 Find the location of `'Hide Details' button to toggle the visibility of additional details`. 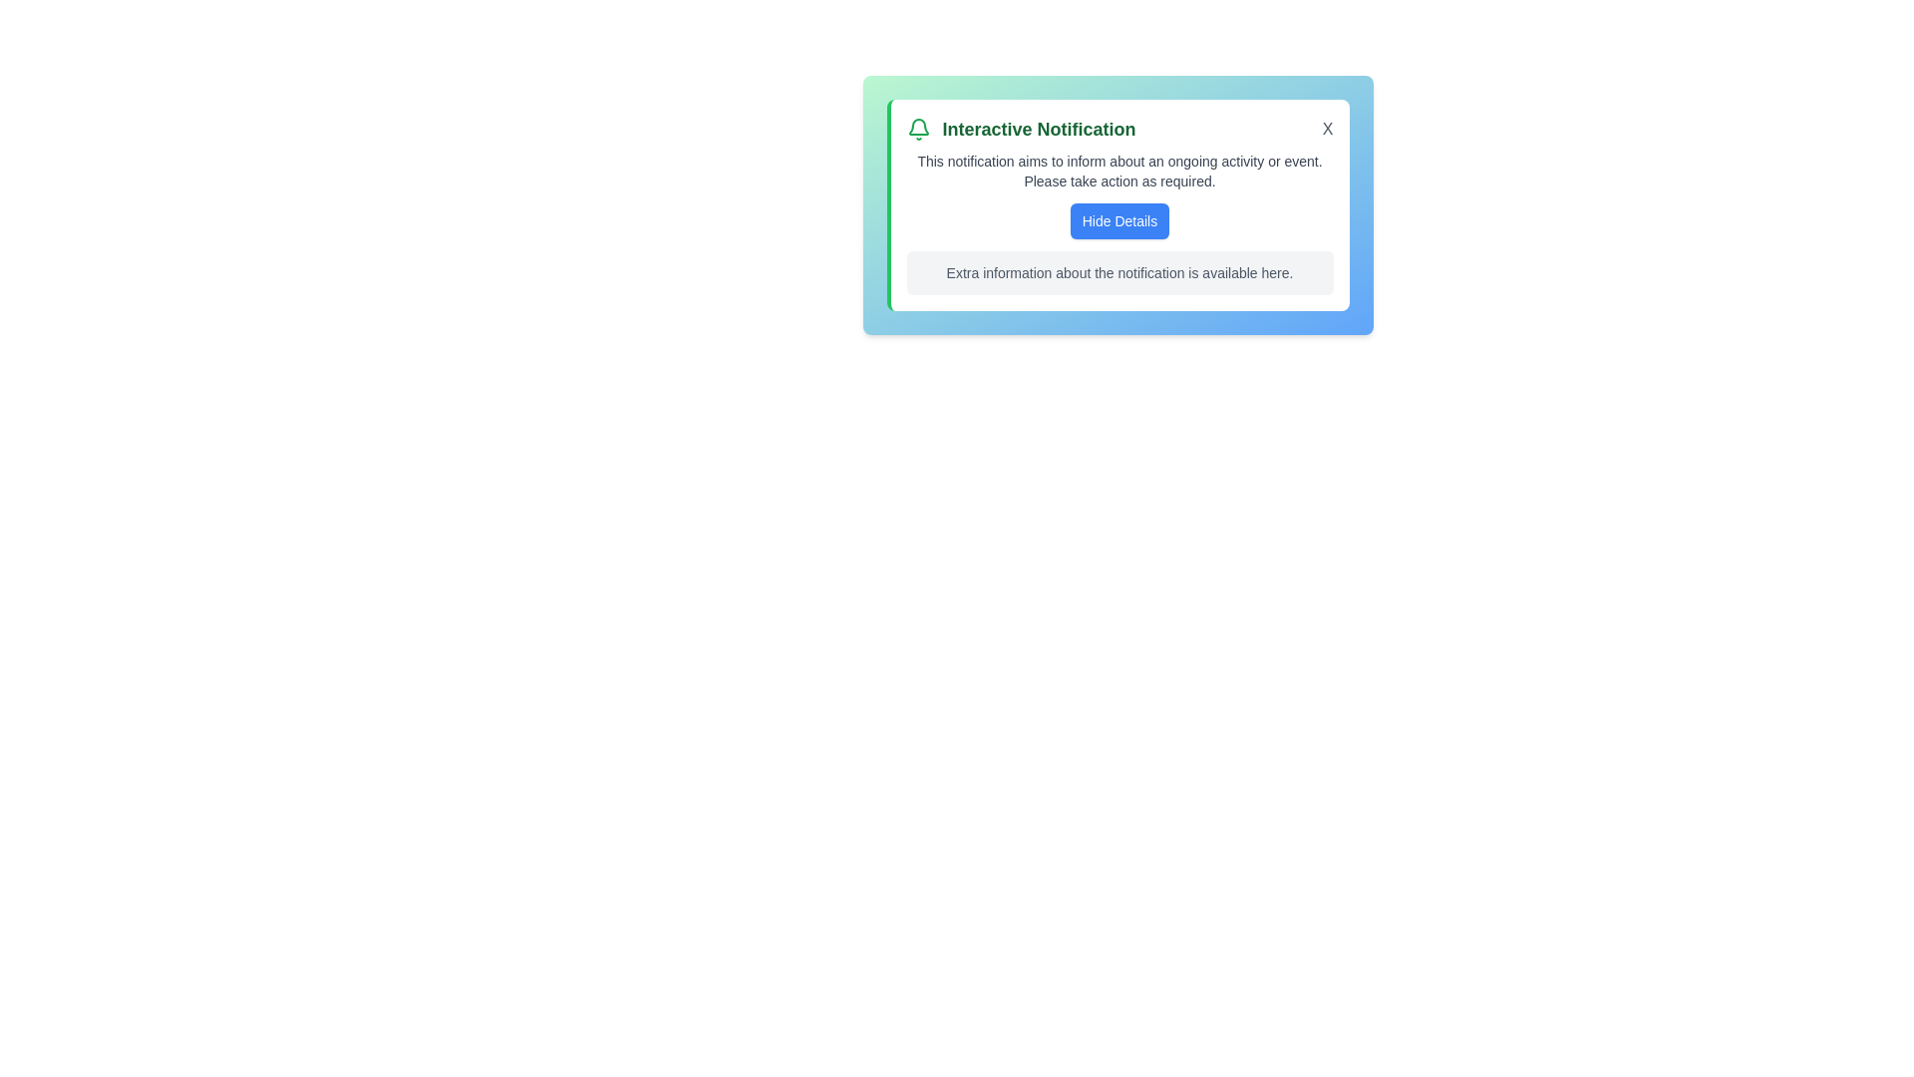

'Hide Details' button to toggle the visibility of additional details is located at coordinates (1119, 221).